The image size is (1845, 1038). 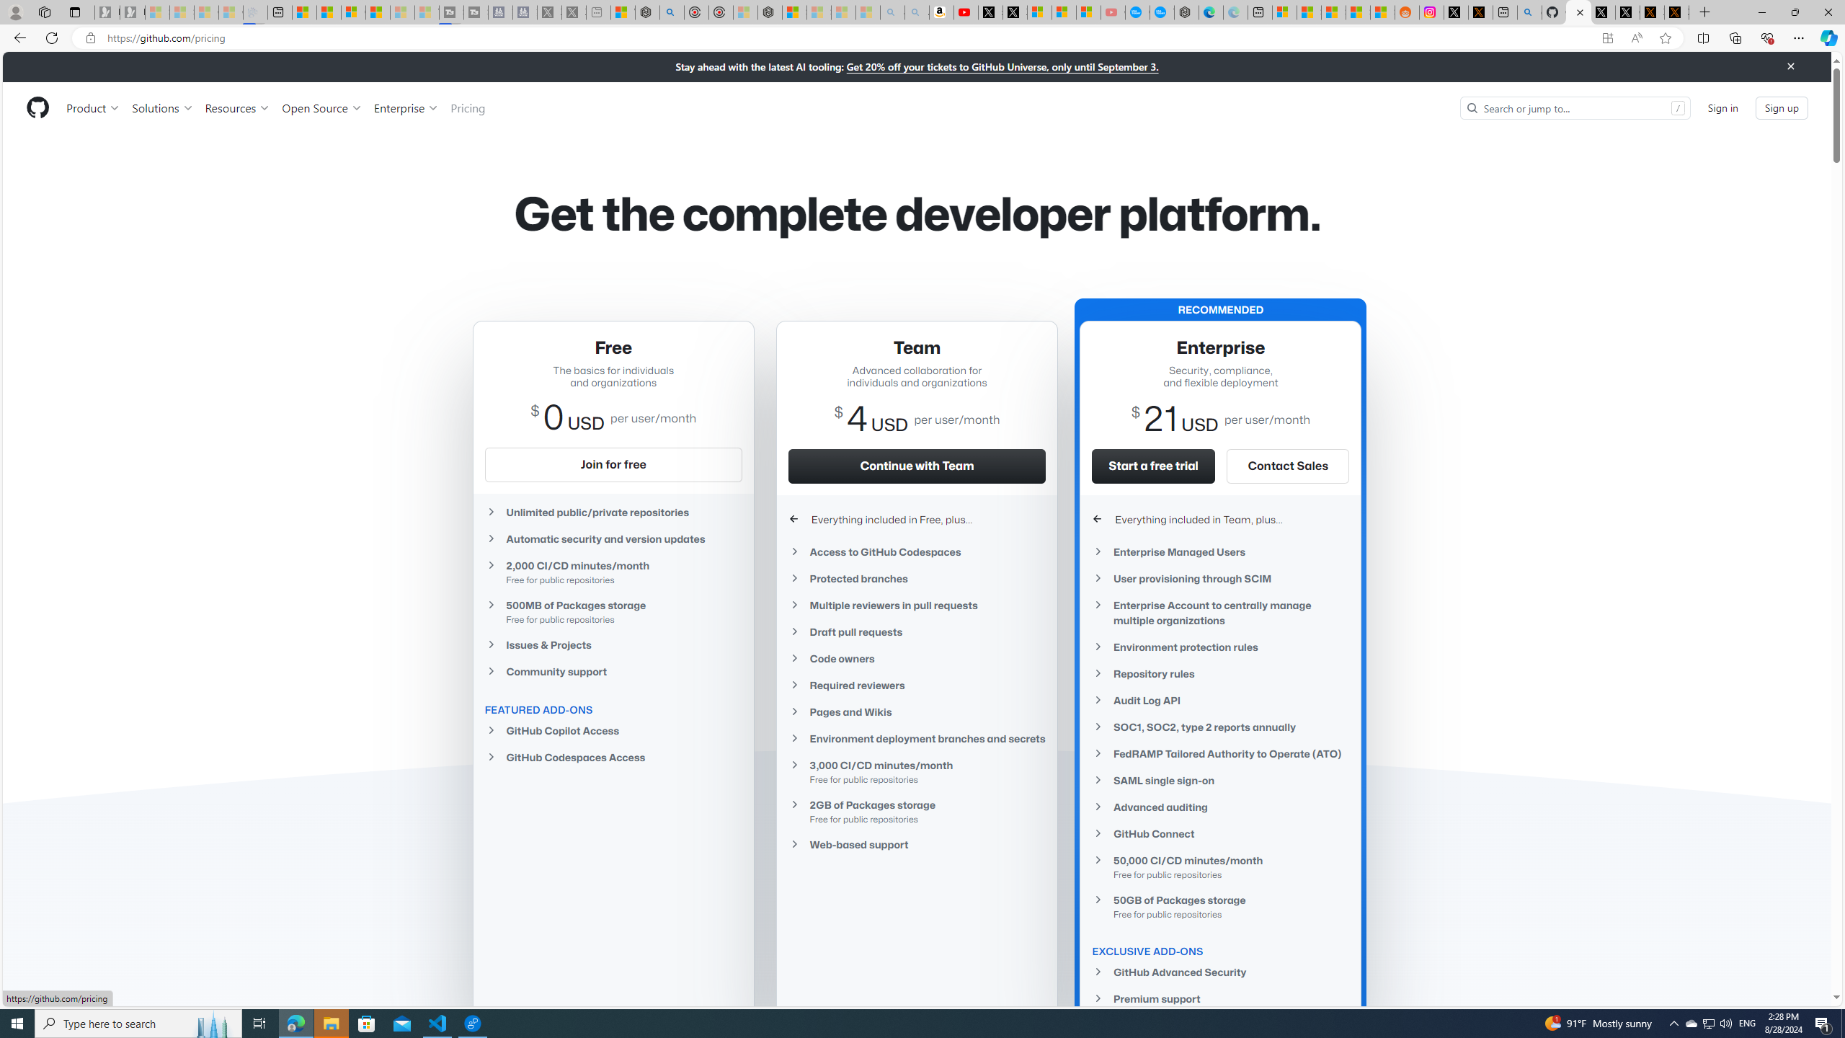 What do you see at coordinates (916, 631) in the screenshot?
I see `'Draft pull requests'` at bounding box center [916, 631].